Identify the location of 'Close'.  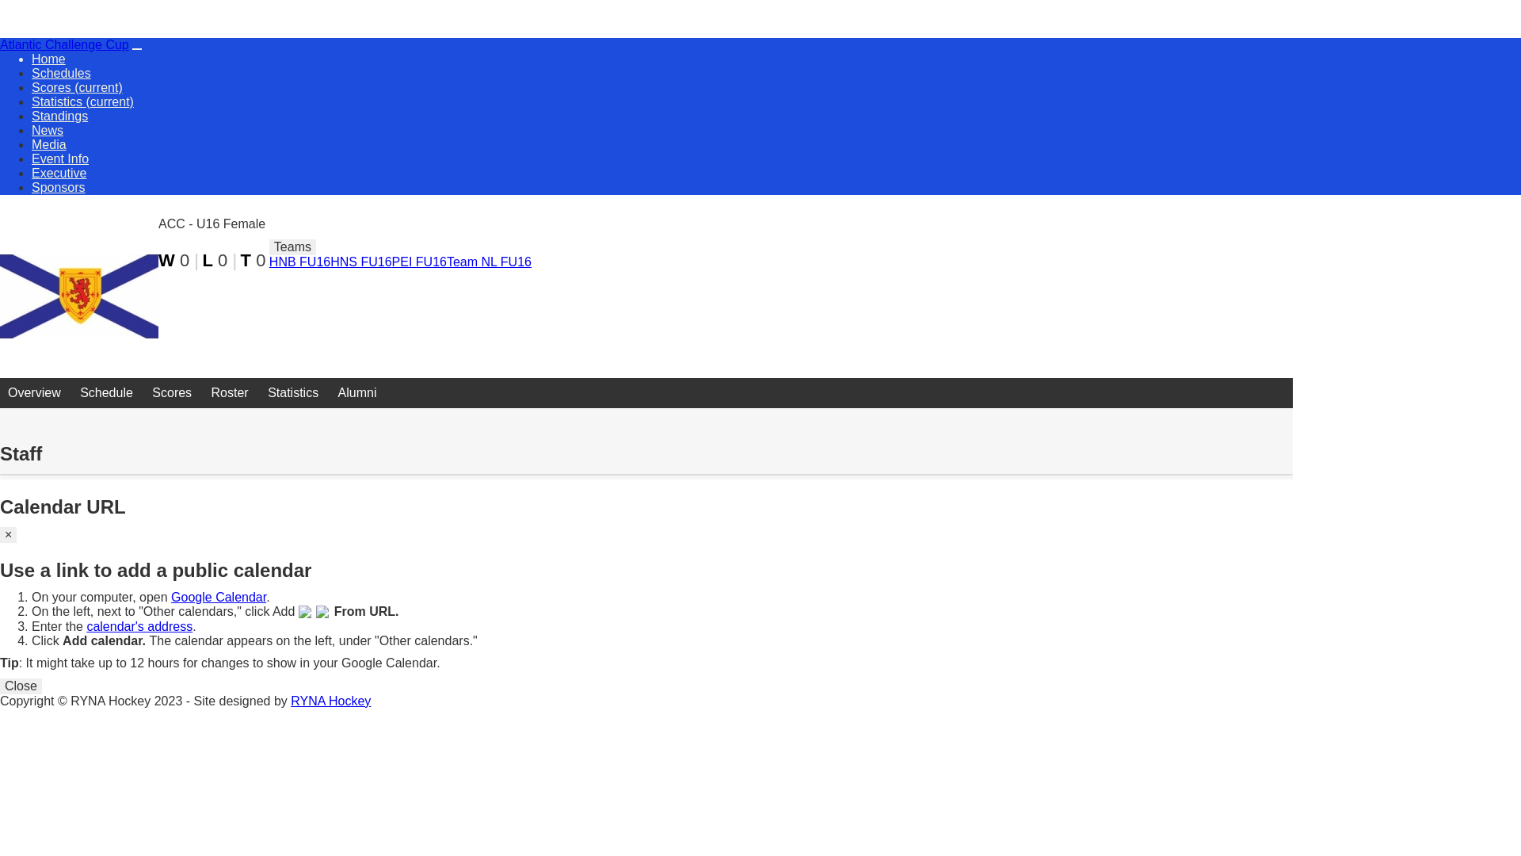
(21, 686).